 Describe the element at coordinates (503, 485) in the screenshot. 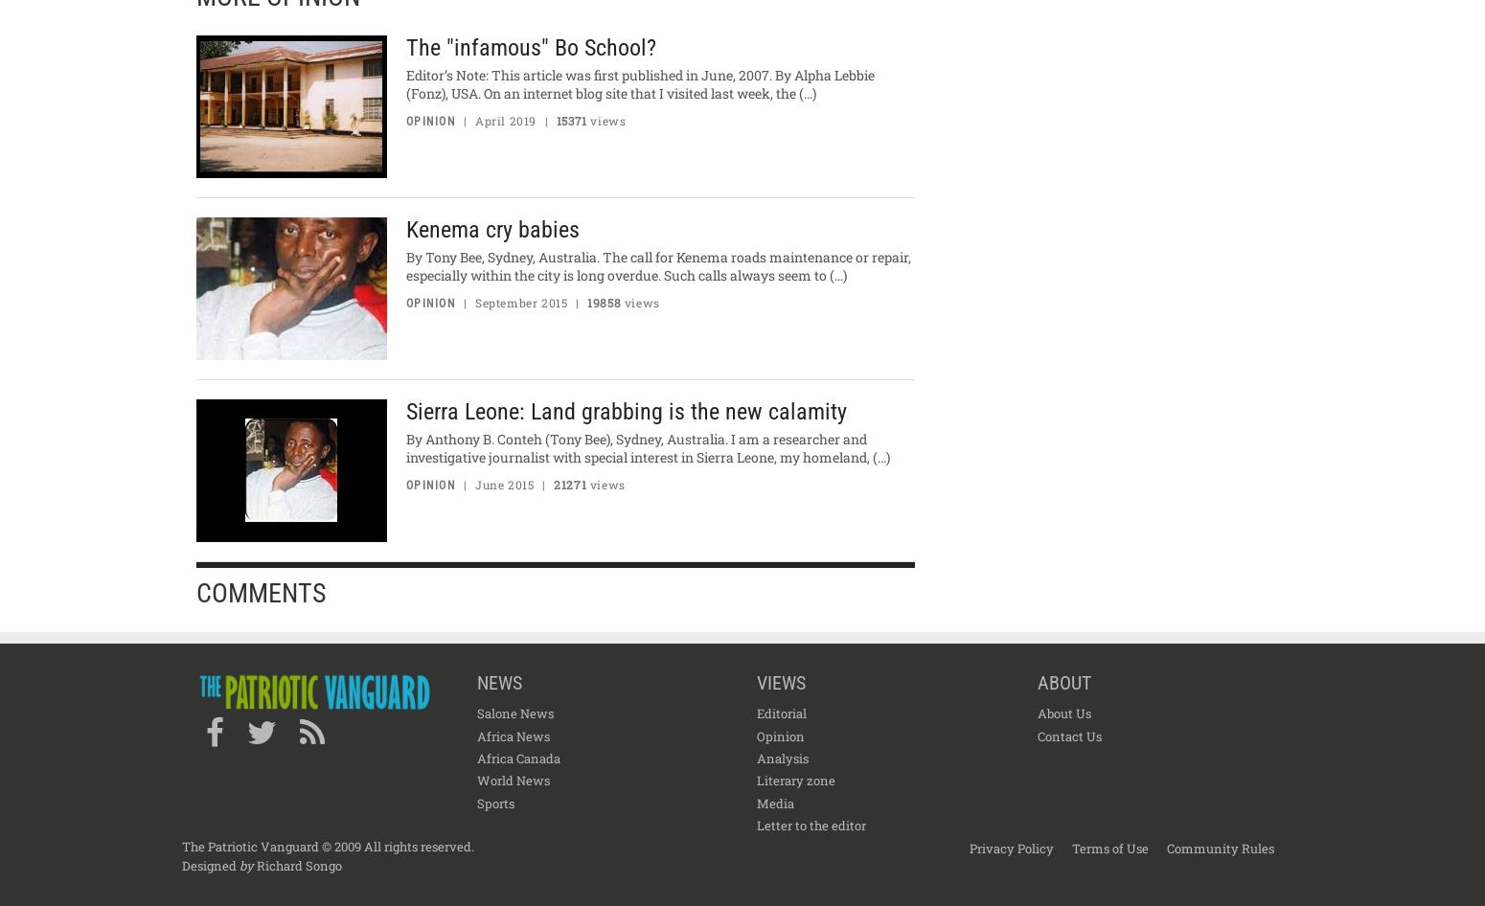

I see `'June 2015'` at that location.